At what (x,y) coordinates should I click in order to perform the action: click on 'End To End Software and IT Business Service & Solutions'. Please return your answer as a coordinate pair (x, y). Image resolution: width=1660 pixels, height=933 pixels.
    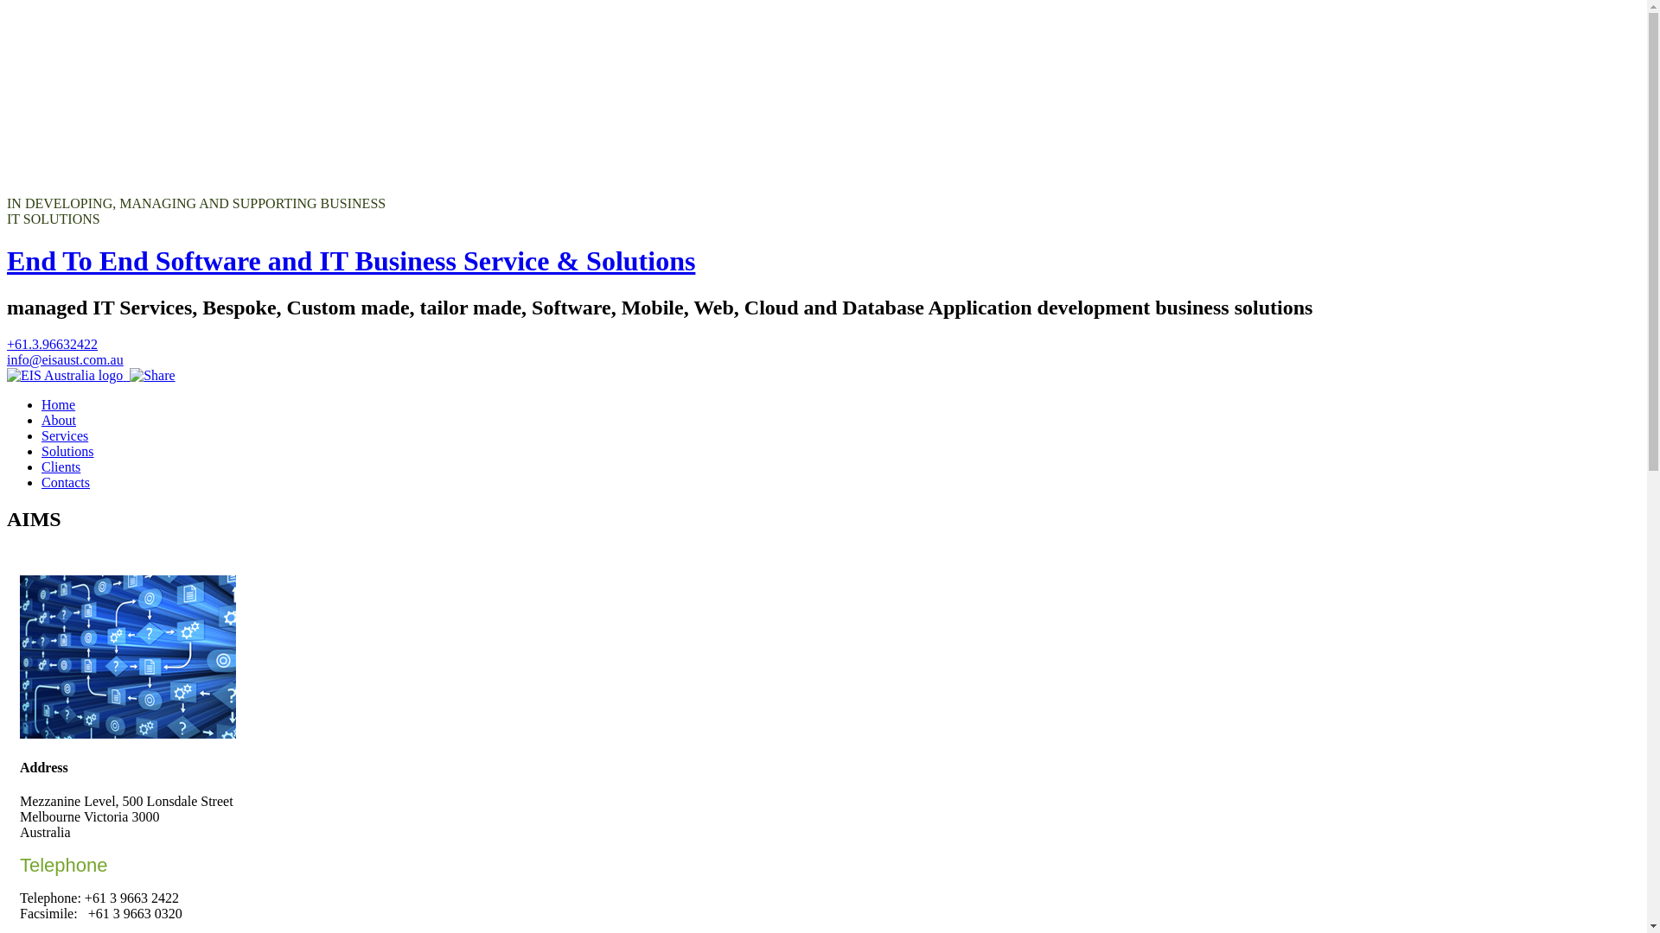
    Looking at the image, I should click on (350, 260).